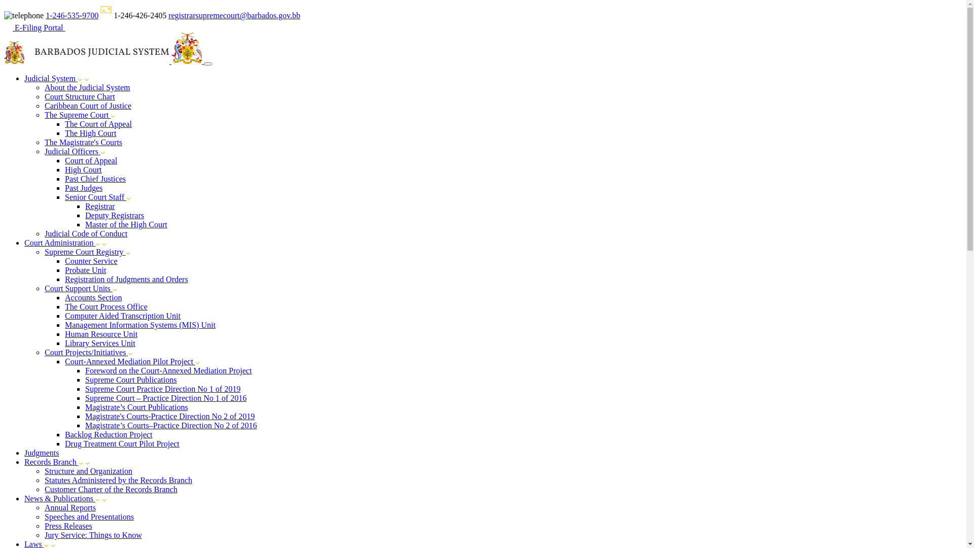 This screenshot has width=974, height=548. I want to click on 'Judgments', so click(41, 452).